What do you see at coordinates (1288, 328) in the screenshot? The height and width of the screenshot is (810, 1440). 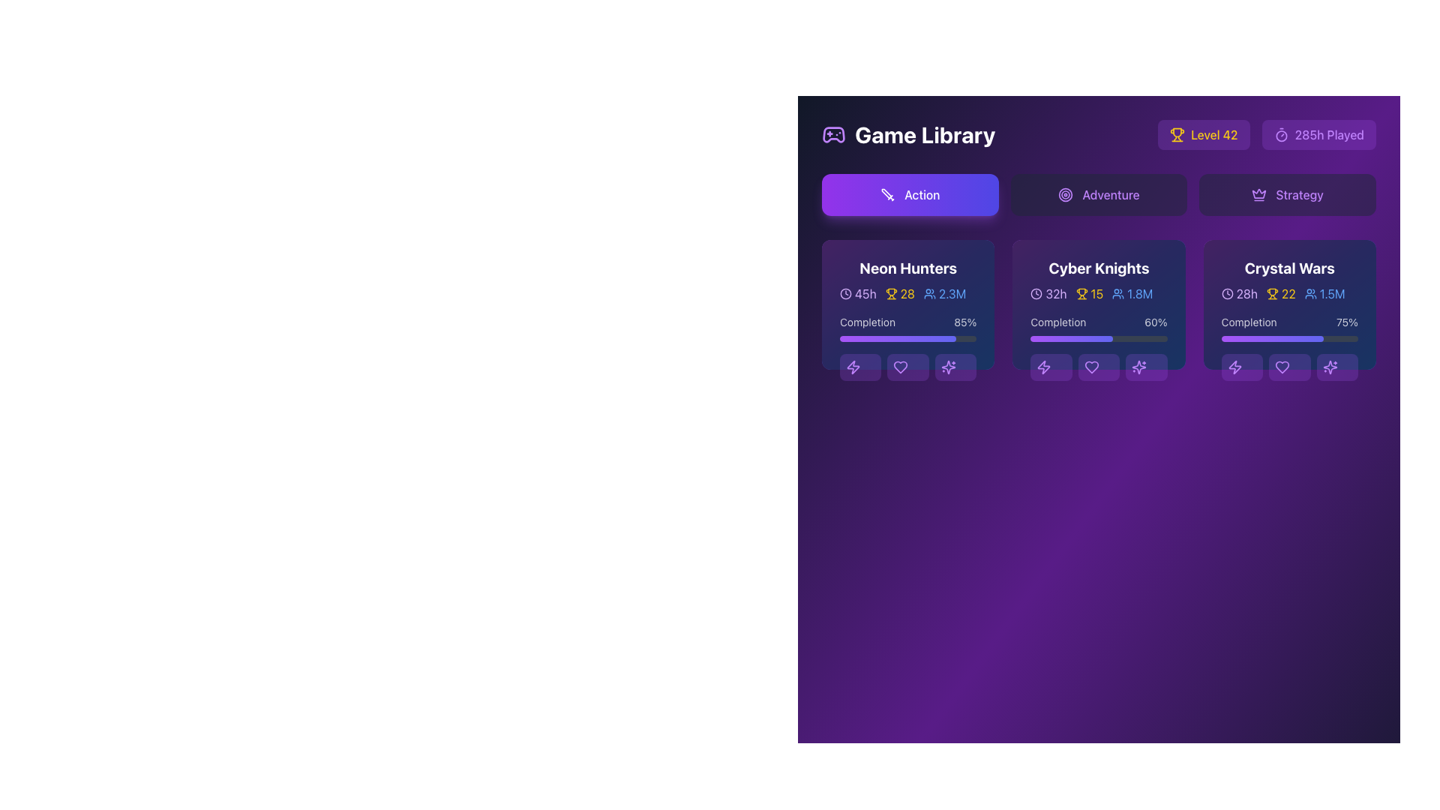 I see `the Progress bar labeled 'Completion' with a value of '75%' located in the 'Crystal Wars' game card` at bounding box center [1288, 328].